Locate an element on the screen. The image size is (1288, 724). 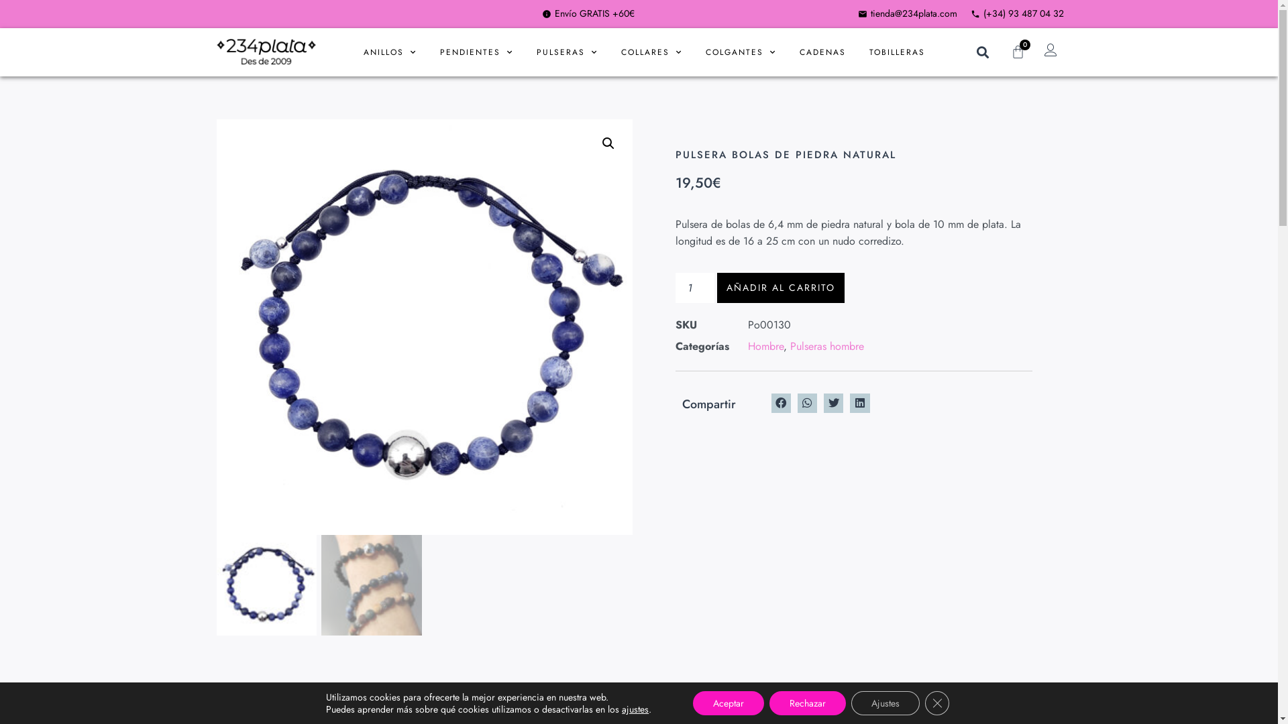
'Aceptar' is located at coordinates (727, 703).